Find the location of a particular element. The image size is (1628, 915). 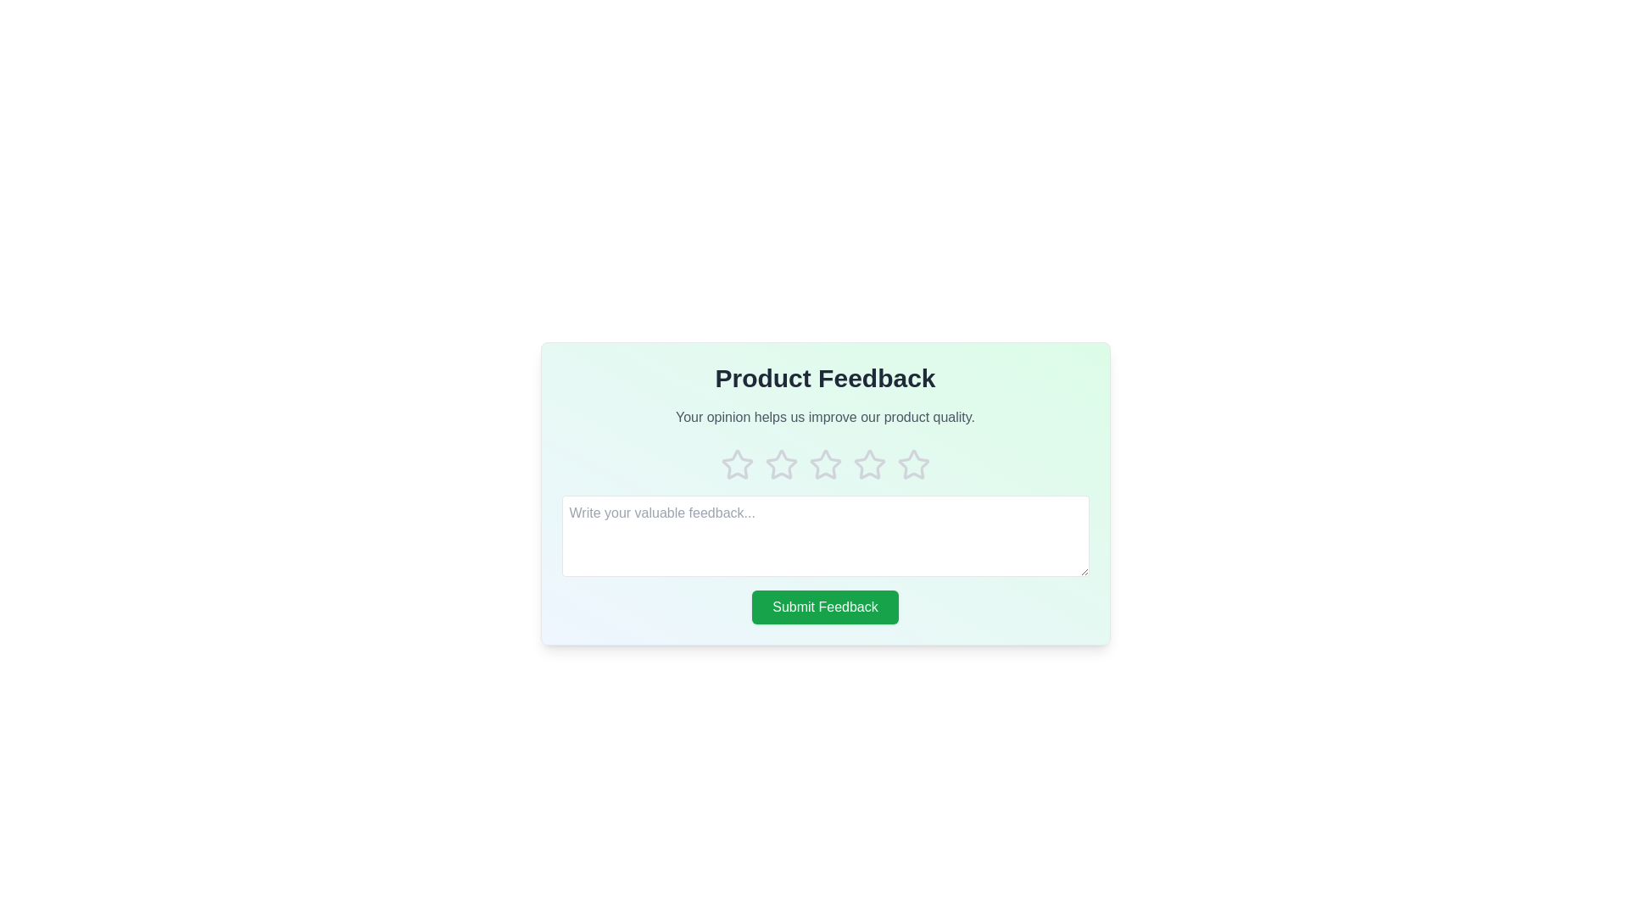

the fourth interactive star icon for ratings located slightly below the 'Product Feedback' heading to observe the hover effect is located at coordinates (825, 464).